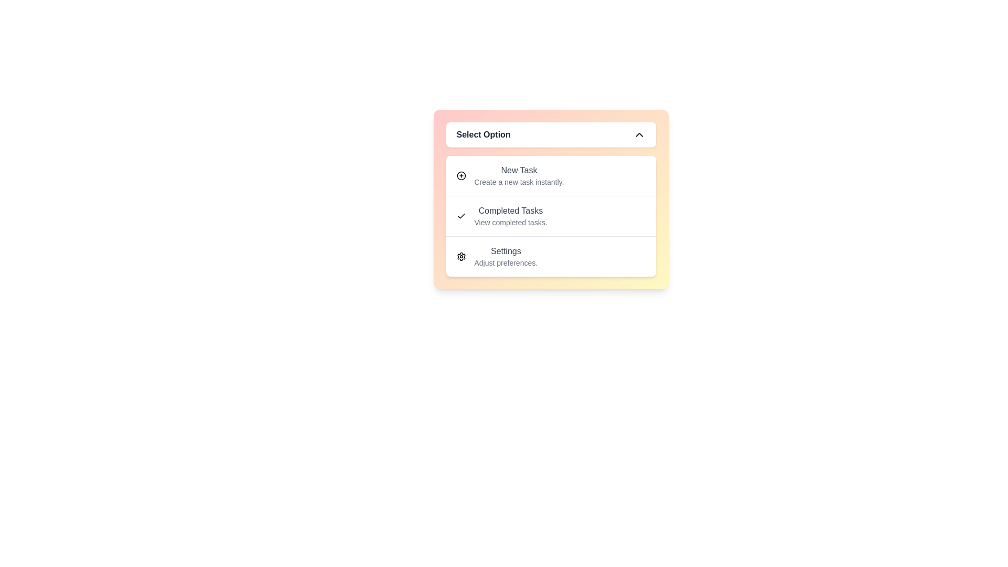 This screenshot has height=567, width=1008. Describe the element at coordinates (550, 215) in the screenshot. I see `the menu option Completed Tasks by clicking on the corresponding menu item` at that location.